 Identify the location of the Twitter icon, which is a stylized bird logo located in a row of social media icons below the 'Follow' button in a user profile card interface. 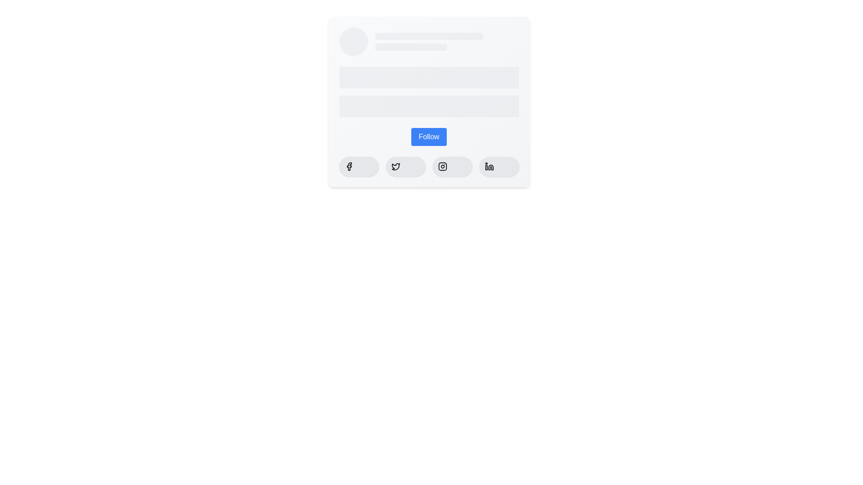
(396, 167).